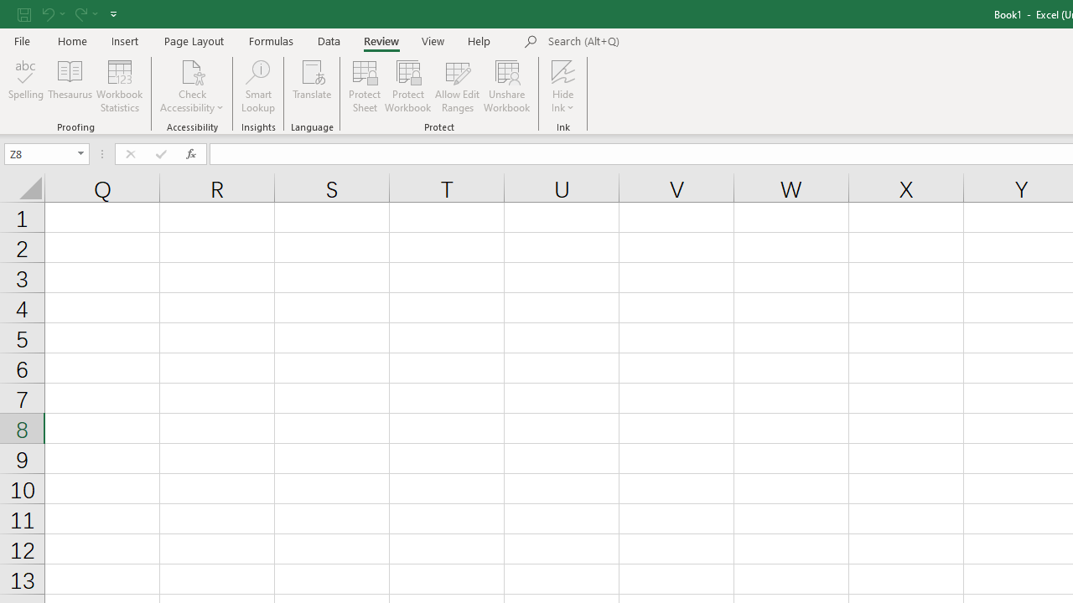  Describe the element at coordinates (257, 86) in the screenshot. I see `'Smart Lookup'` at that location.